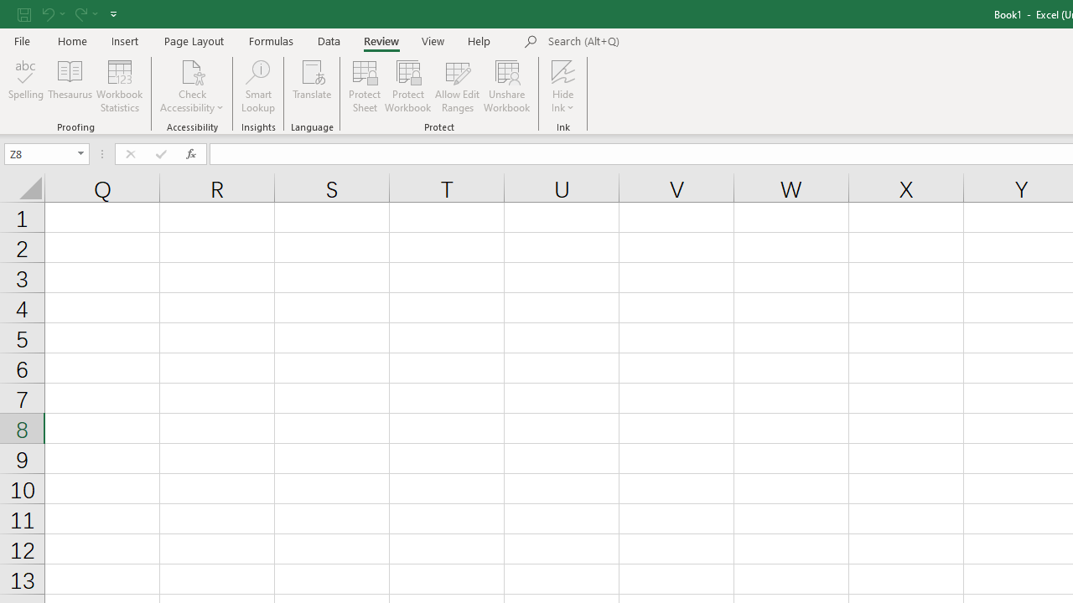  Describe the element at coordinates (257, 86) in the screenshot. I see `'Smart Lookup'` at that location.